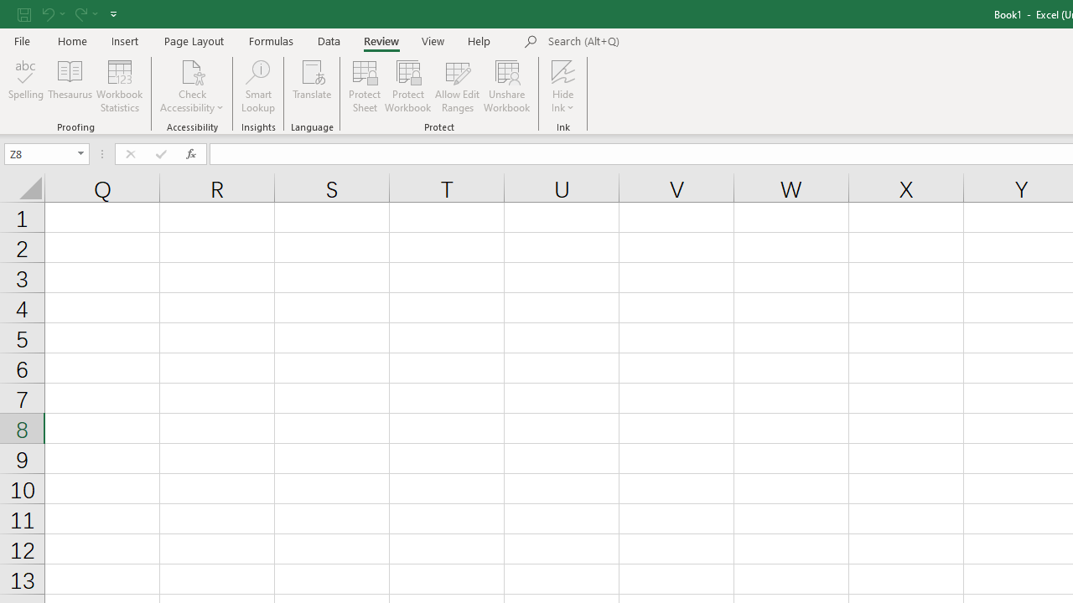  Describe the element at coordinates (257, 86) in the screenshot. I see `'Smart Lookup'` at that location.